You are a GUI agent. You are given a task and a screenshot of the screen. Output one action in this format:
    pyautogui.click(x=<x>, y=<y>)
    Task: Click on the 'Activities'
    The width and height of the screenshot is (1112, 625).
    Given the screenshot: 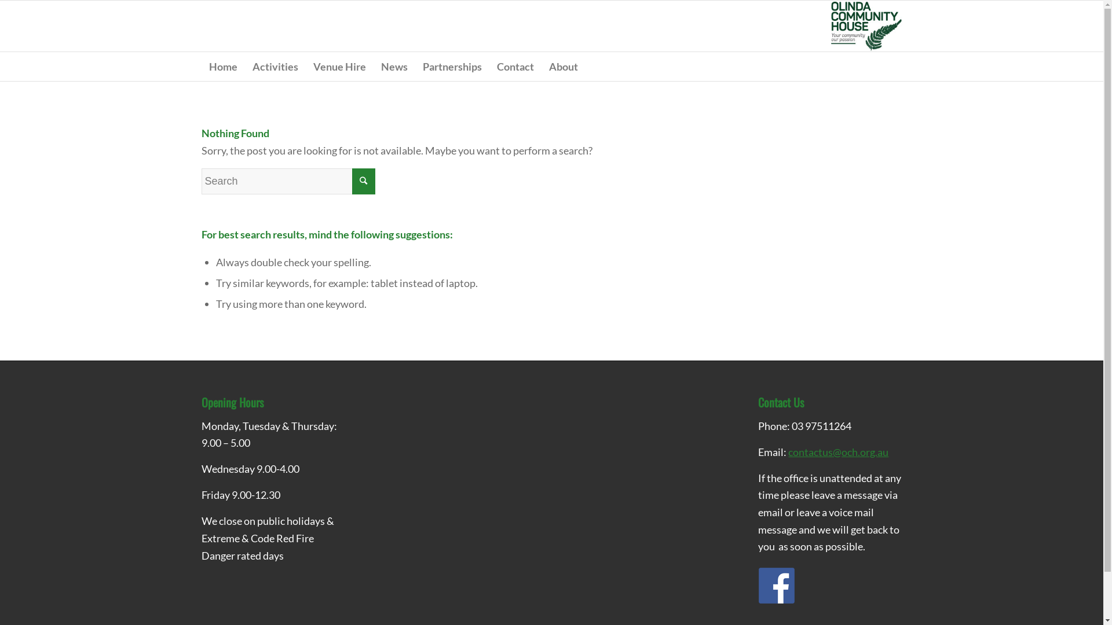 What is the action you would take?
    pyautogui.click(x=274, y=67)
    